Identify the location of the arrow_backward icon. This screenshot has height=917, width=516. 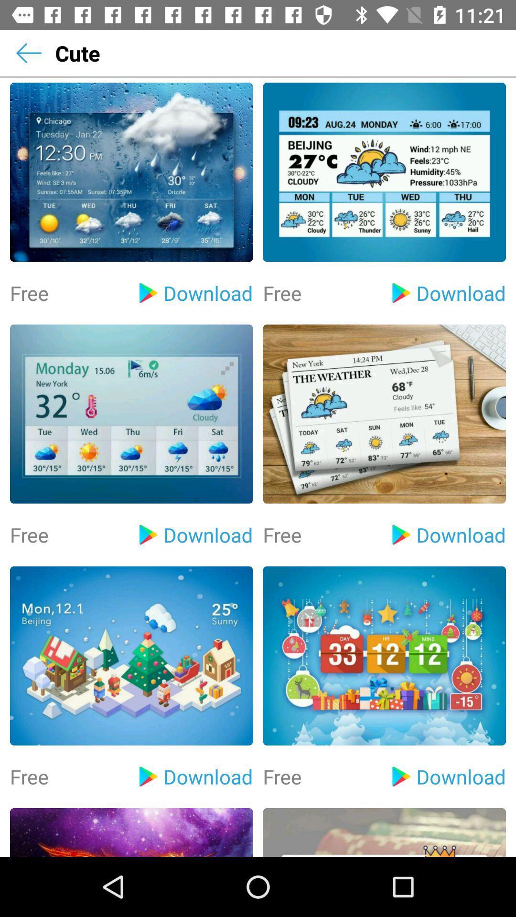
(28, 53).